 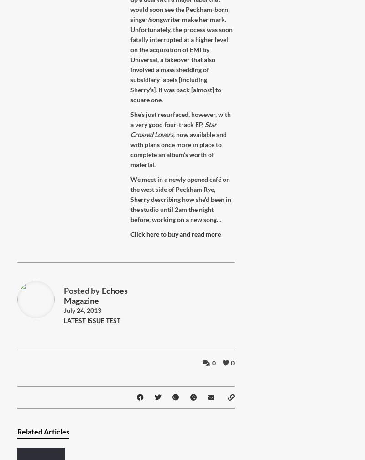 What do you see at coordinates (82, 310) in the screenshot?
I see `'July 24, 2013'` at bounding box center [82, 310].